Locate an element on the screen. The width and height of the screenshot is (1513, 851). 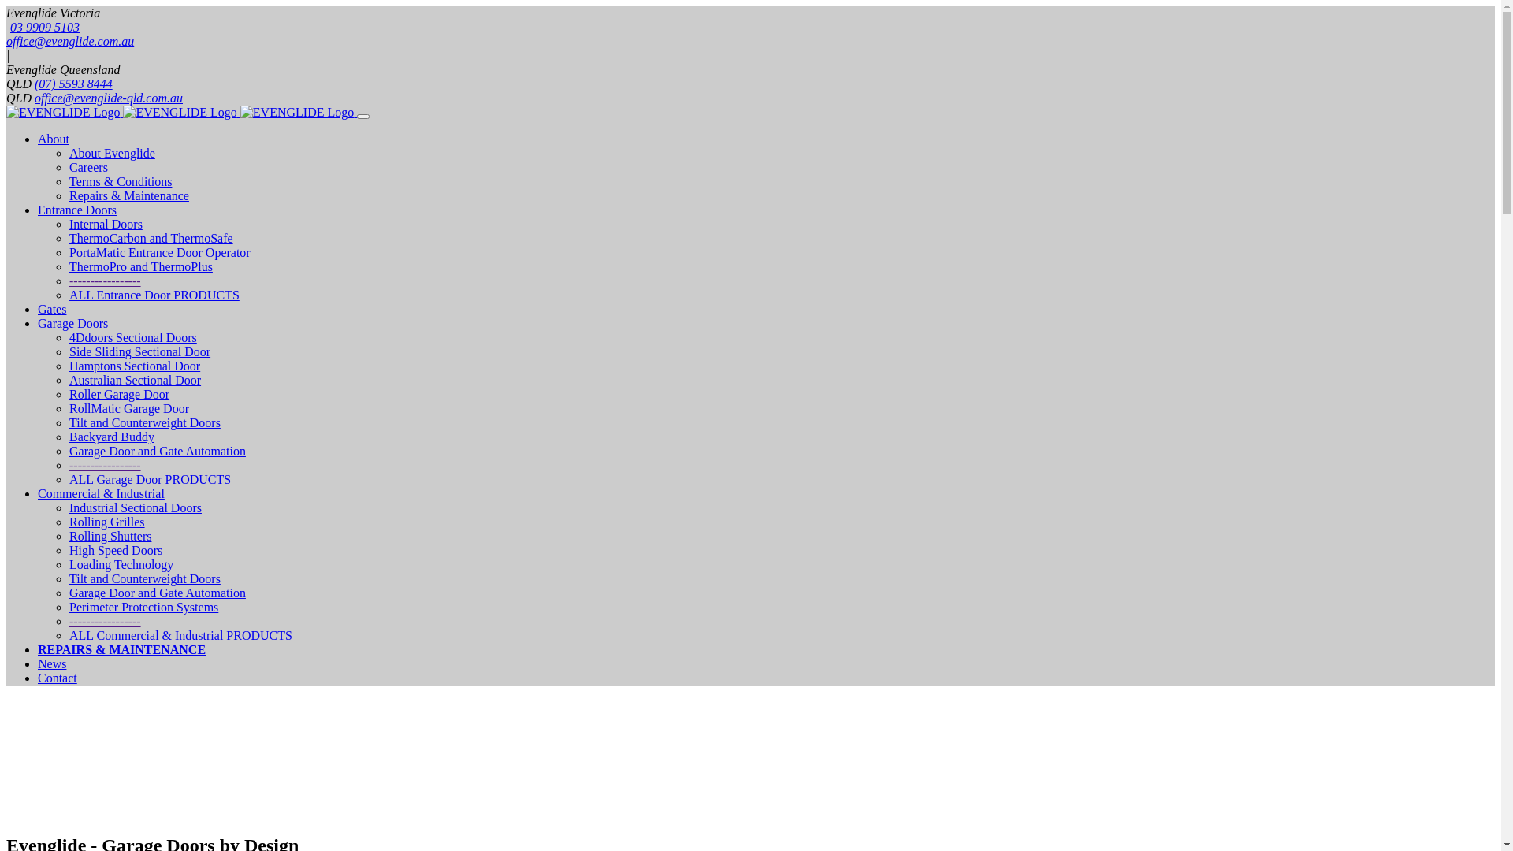
'office@evenglide.com.au' is located at coordinates (69, 40).